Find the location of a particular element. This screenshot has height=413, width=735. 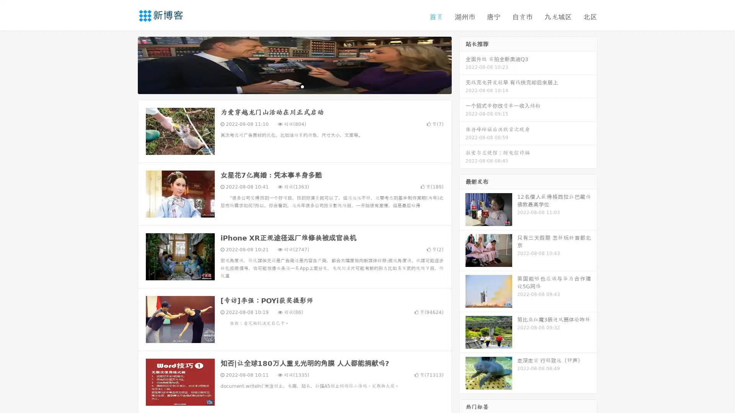

Previous slide is located at coordinates (126, 64).